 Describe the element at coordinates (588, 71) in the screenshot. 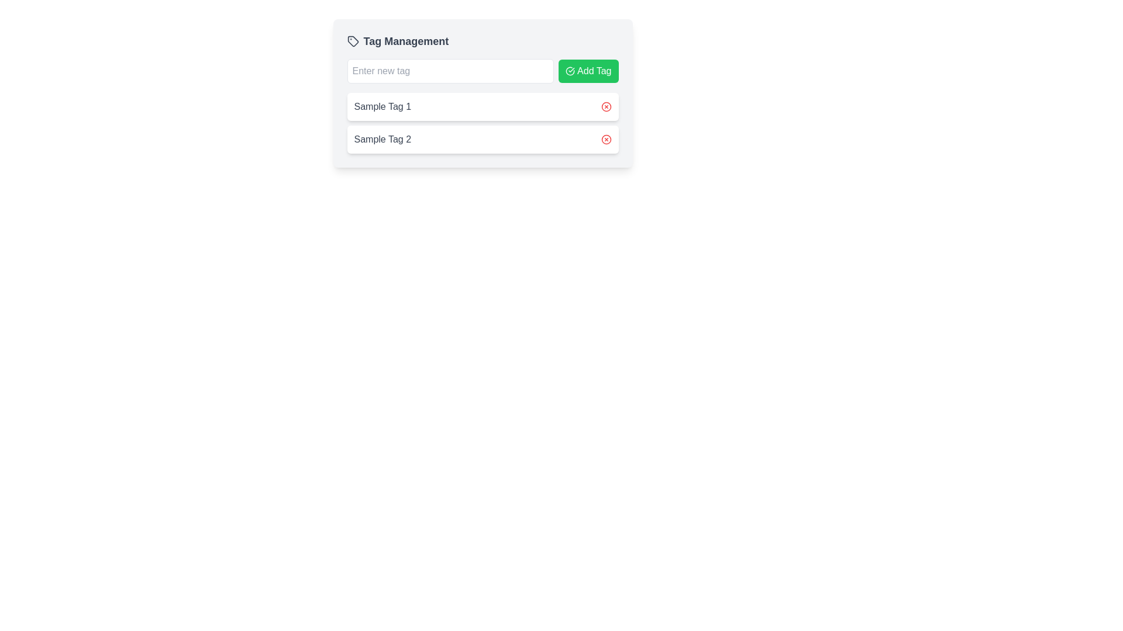

I see `the button located adjacent to the input field for adding a new tag to process the entered text` at that location.